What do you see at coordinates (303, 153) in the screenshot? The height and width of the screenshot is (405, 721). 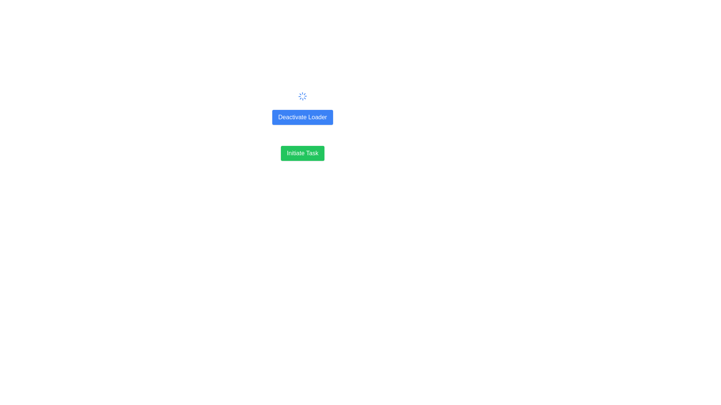 I see `the green rectangular button labeled 'Initiate Task' located below the 'Deactivate Loader' button` at bounding box center [303, 153].